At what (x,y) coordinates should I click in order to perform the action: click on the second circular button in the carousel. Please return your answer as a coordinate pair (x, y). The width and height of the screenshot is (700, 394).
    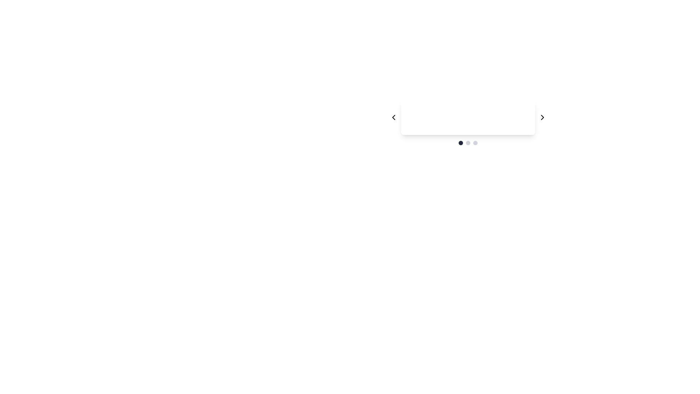
    Looking at the image, I should click on (468, 143).